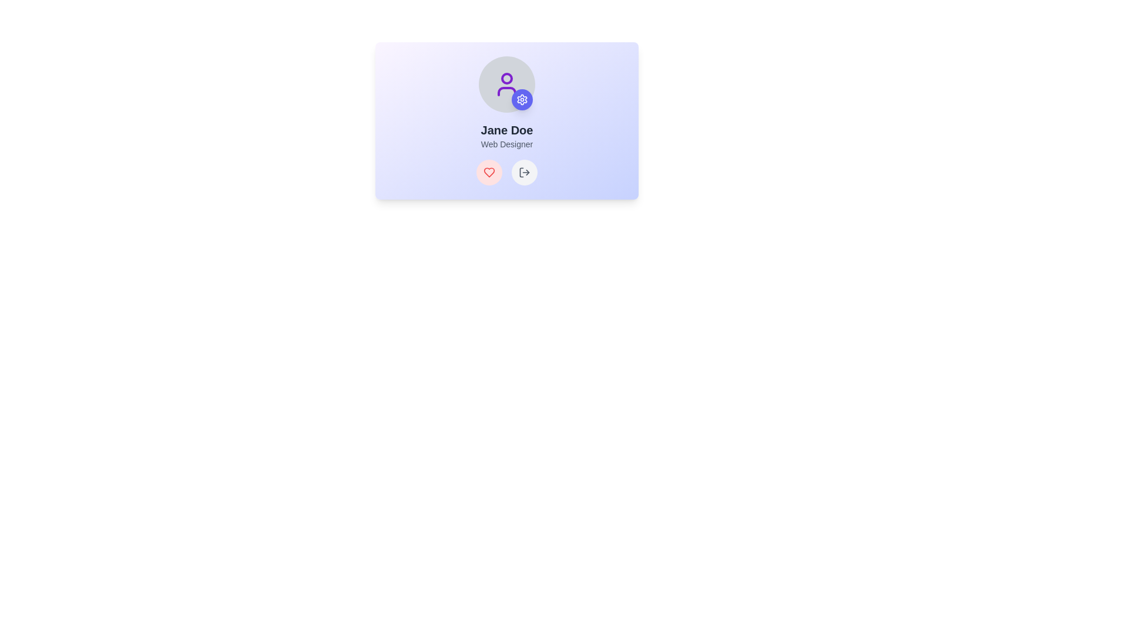 The height and width of the screenshot is (634, 1128). I want to click on the text label displaying 'Jane Doe', so click(507, 130).